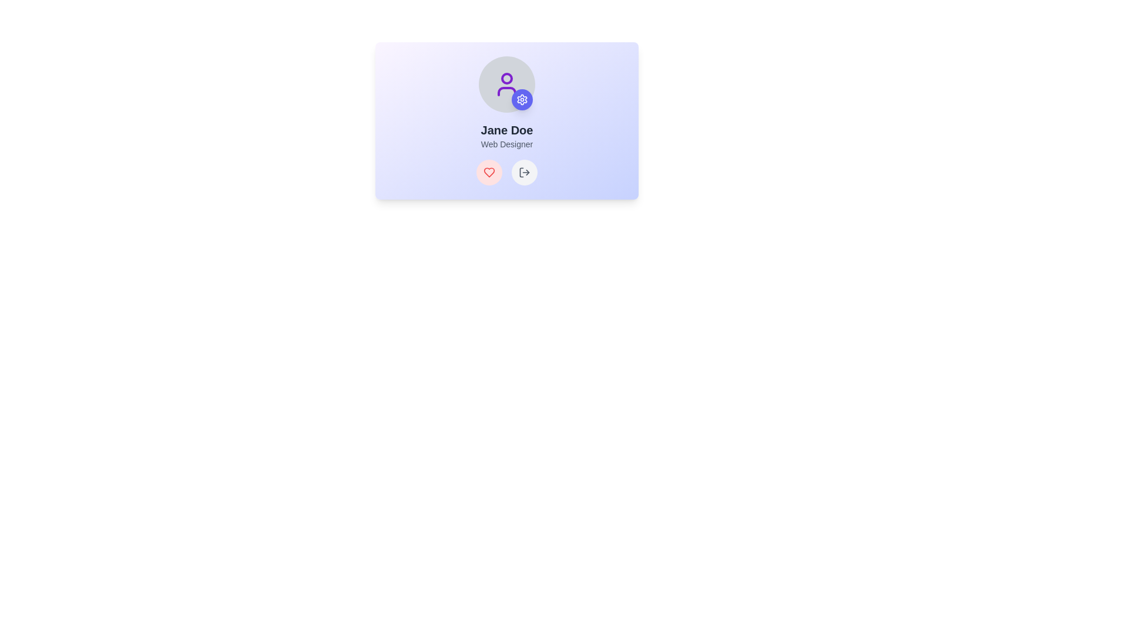 The height and width of the screenshot is (634, 1128). I want to click on the text label displaying 'Jane Doe', so click(507, 130).